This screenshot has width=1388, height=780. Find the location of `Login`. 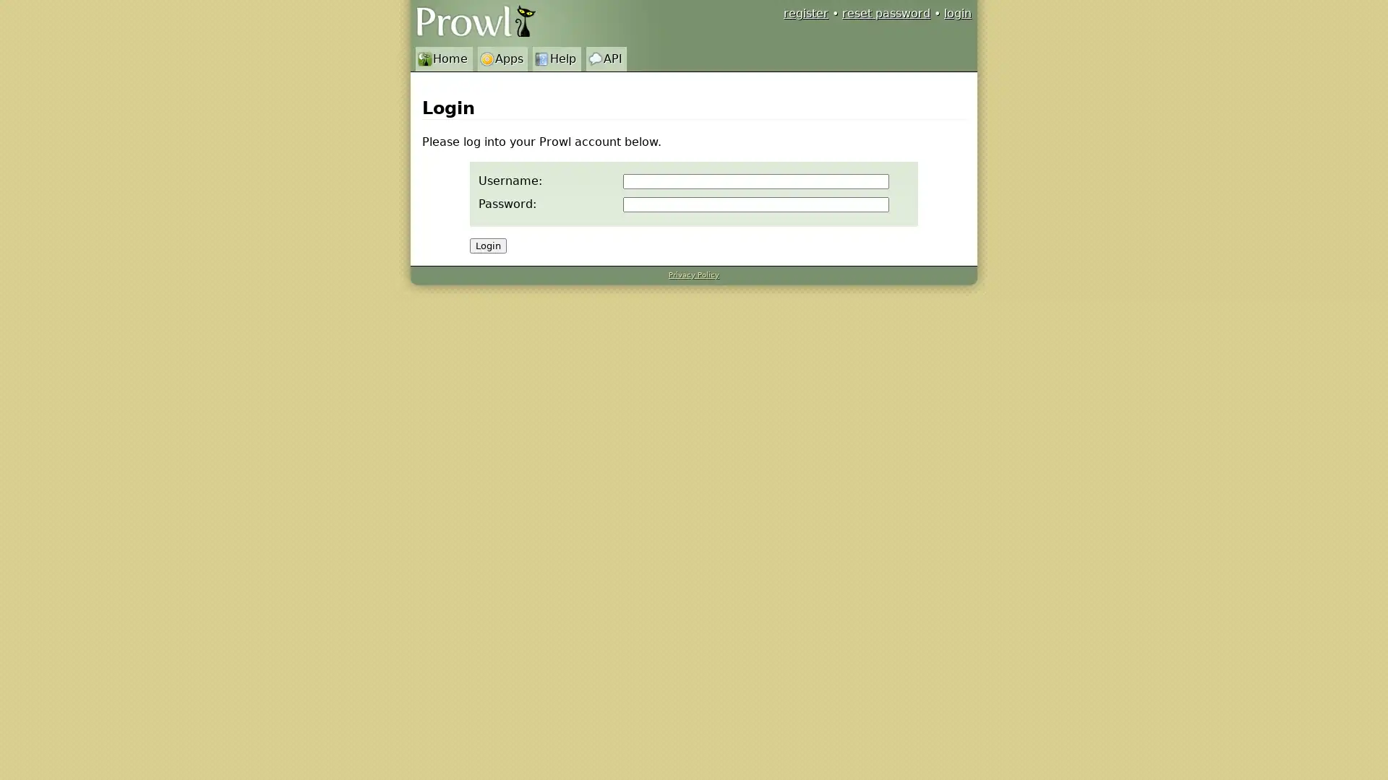

Login is located at coordinates (488, 245).